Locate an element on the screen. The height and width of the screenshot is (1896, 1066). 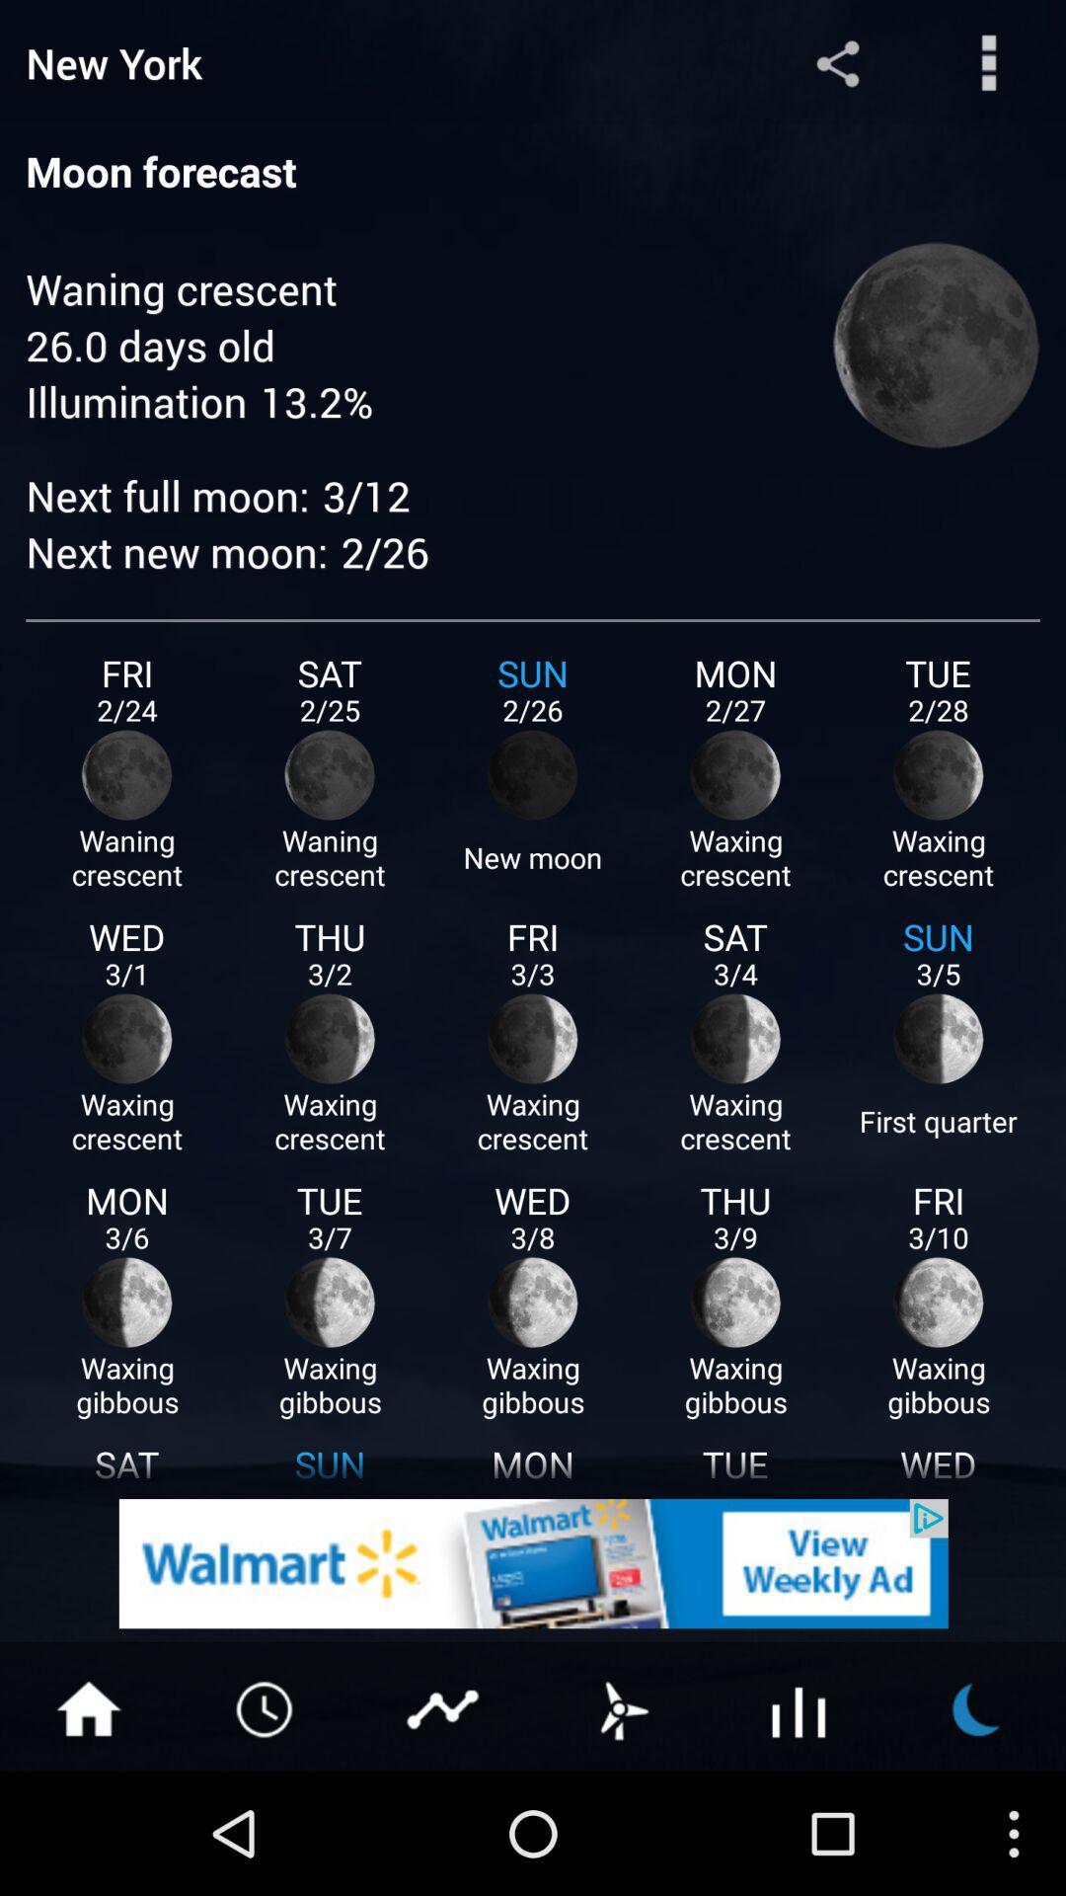
details about advertisement is located at coordinates (533, 1562).